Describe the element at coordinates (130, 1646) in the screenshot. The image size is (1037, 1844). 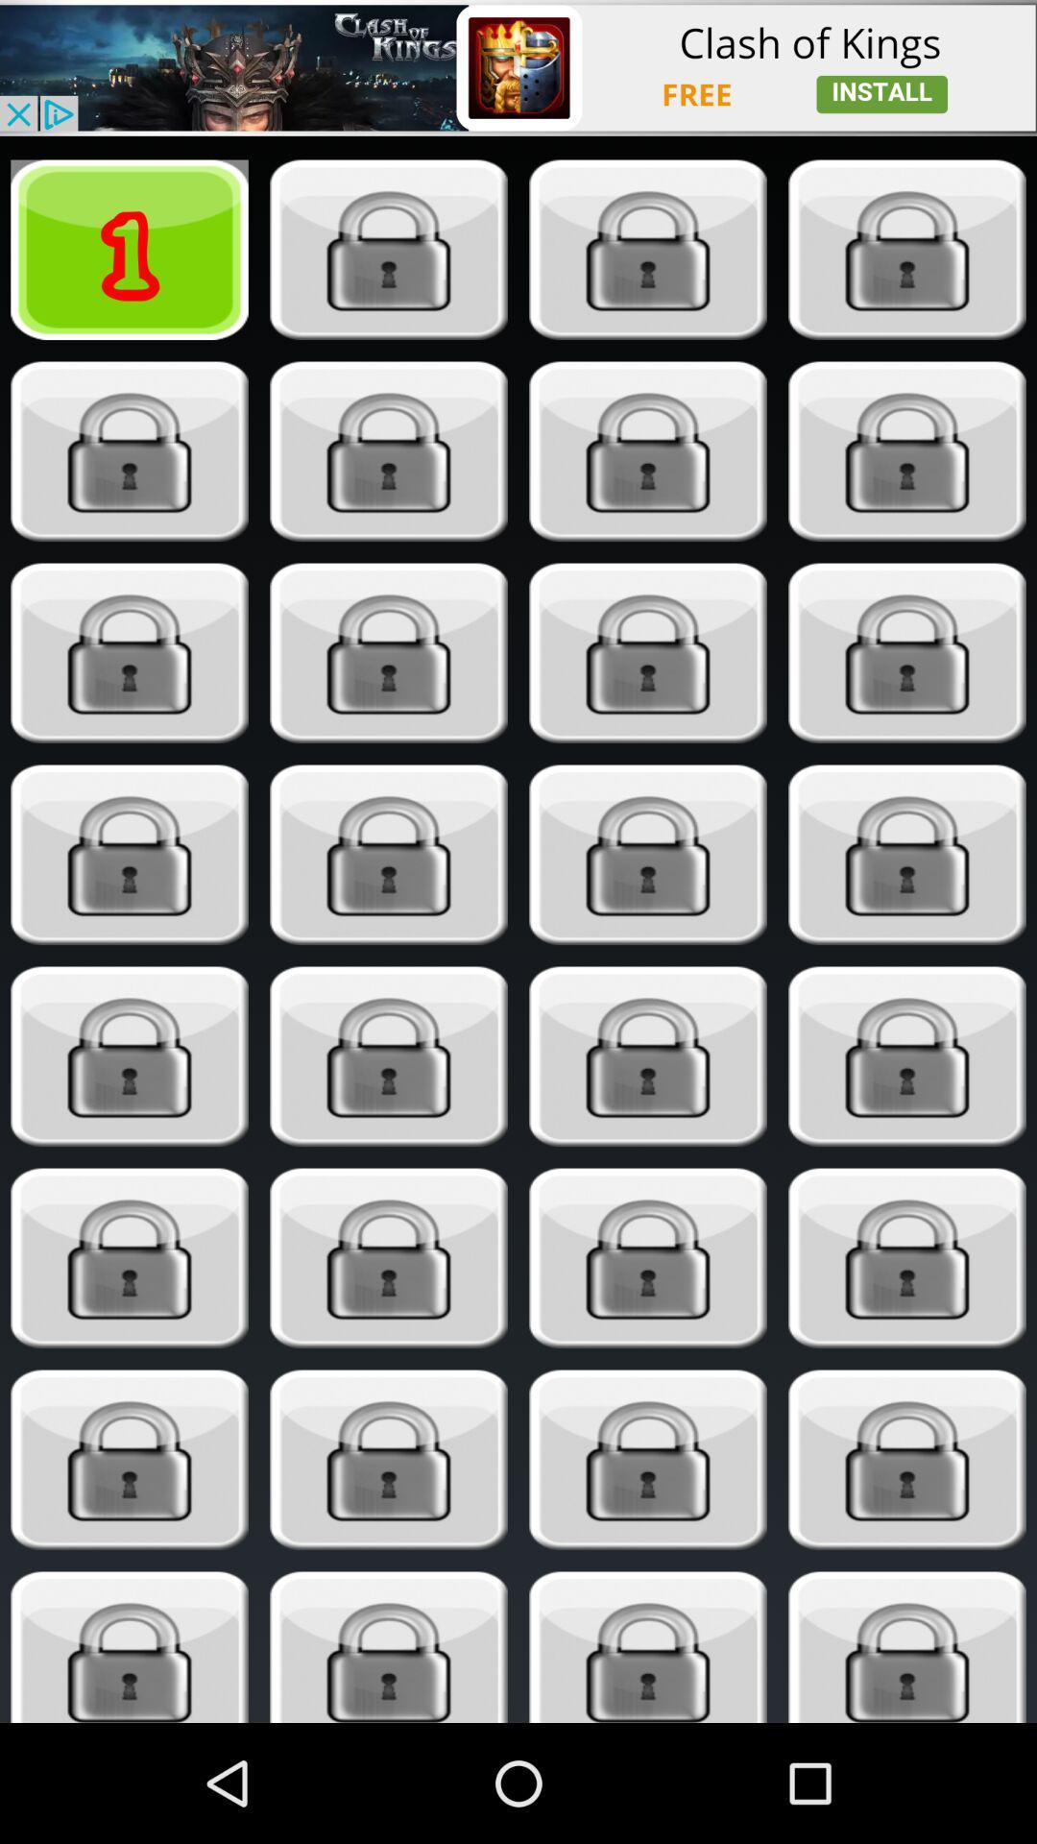
I see `select` at that location.